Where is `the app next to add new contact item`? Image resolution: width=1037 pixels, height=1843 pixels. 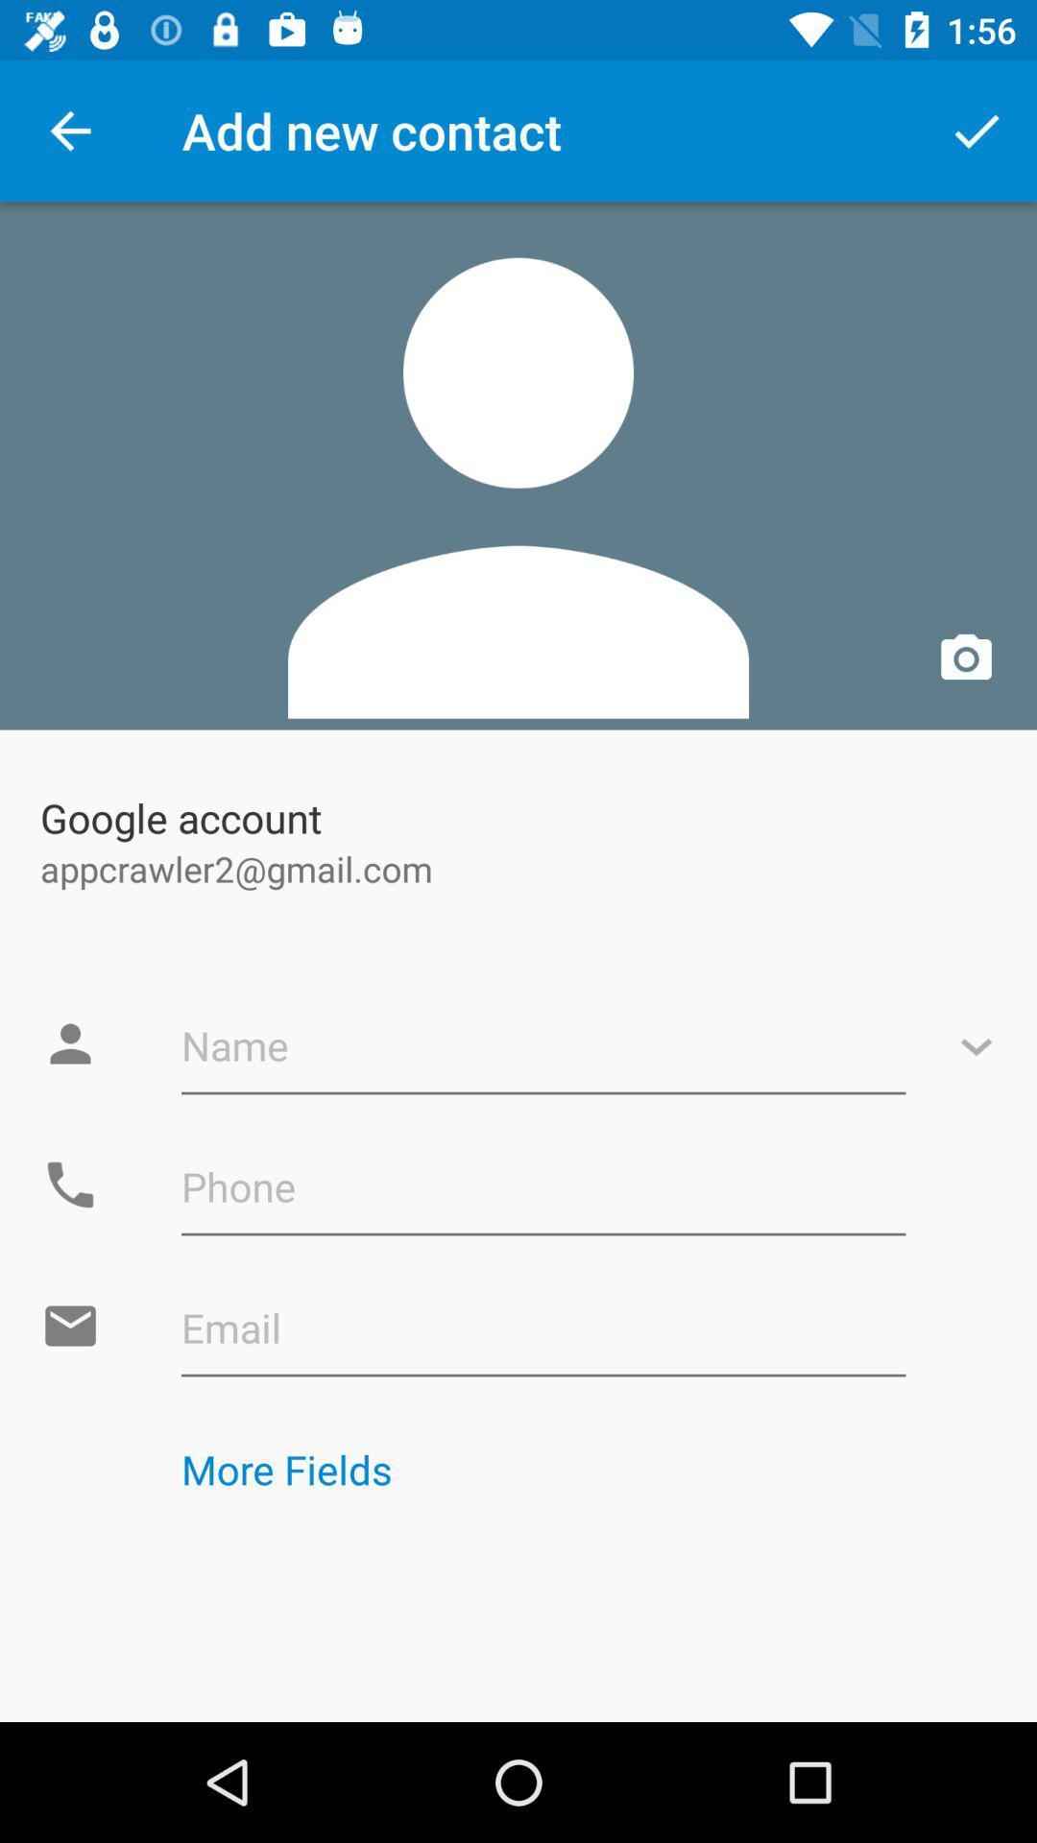
the app next to add new contact item is located at coordinates (977, 130).